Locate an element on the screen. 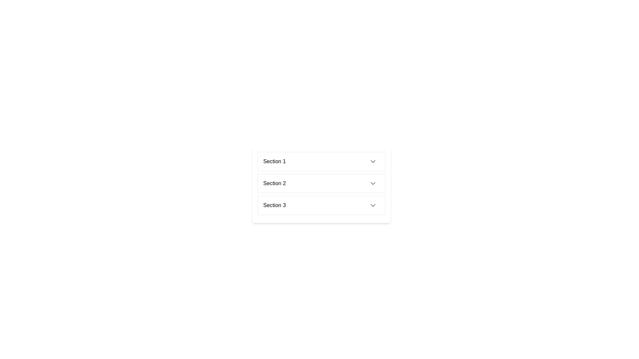  the dropdown button at the right end of 'Section 2' is located at coordinates (373, 183).